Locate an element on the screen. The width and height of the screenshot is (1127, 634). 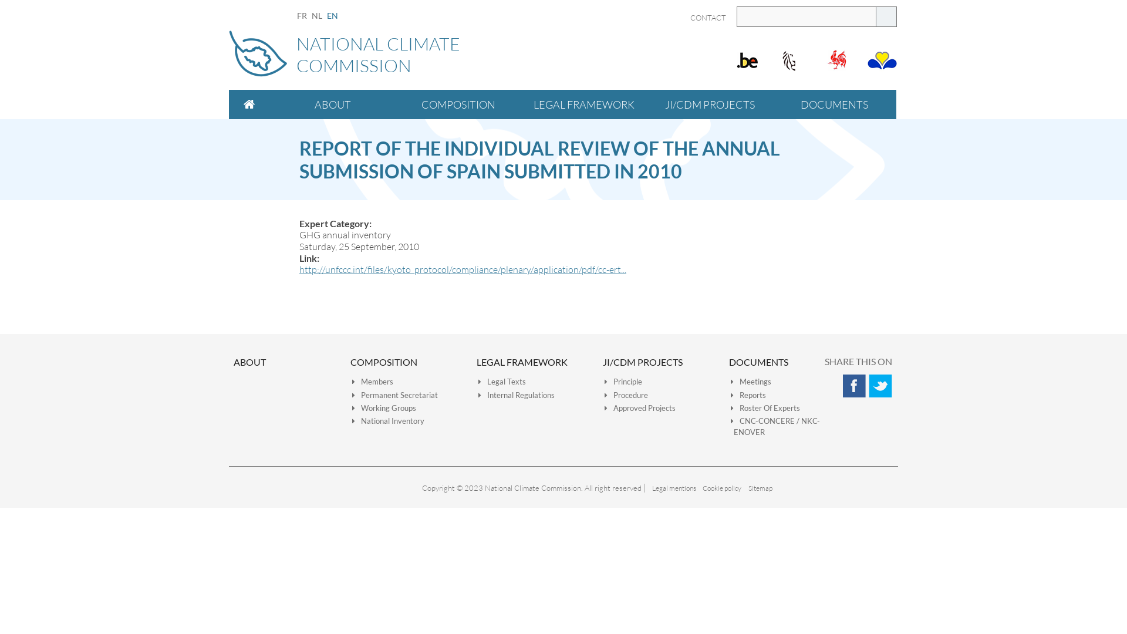
'Principle' is located at coordinates (622, 382).